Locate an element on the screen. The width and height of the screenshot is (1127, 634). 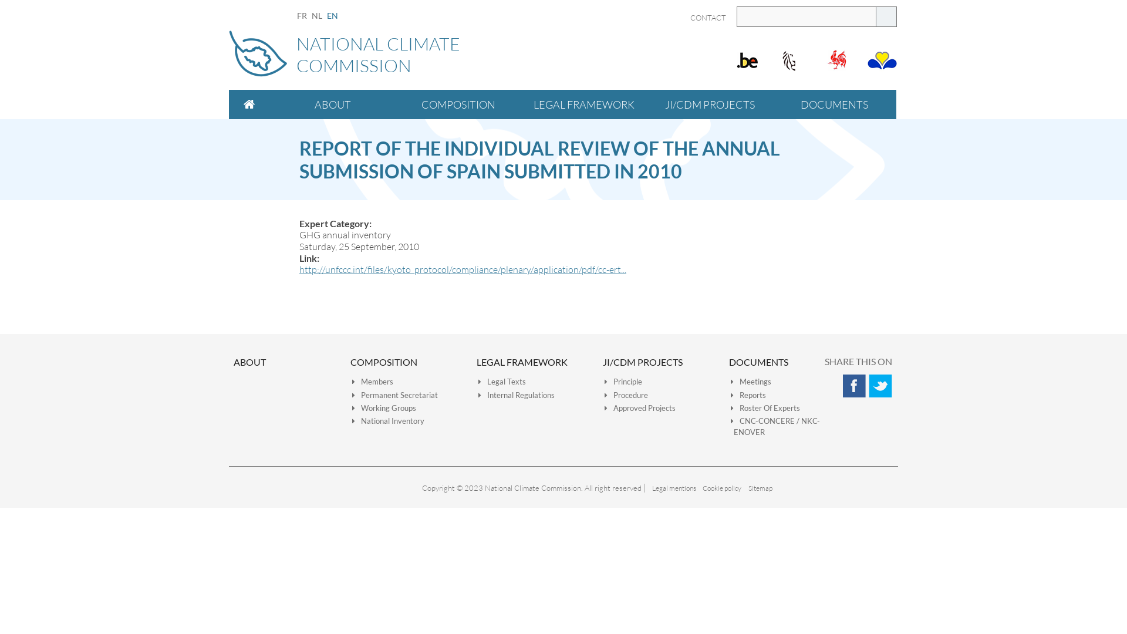
'Principle' is located at coordinates (622, 382).